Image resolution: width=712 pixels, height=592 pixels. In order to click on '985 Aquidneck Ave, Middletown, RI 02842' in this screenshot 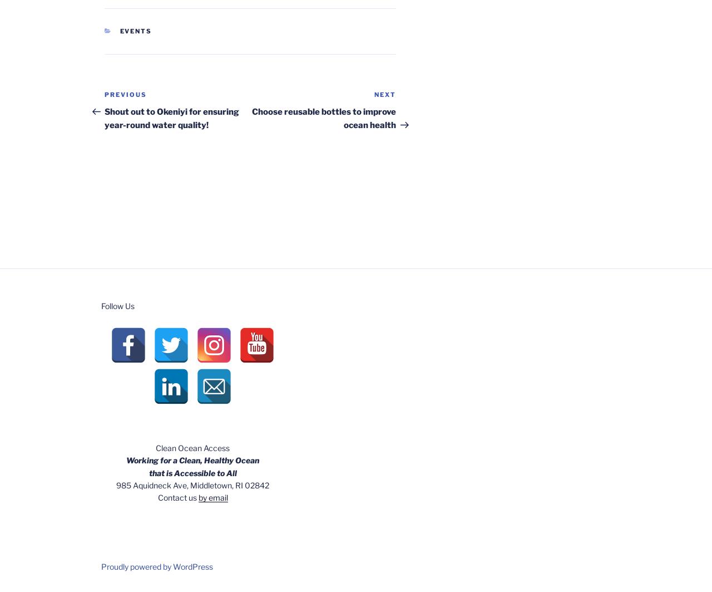, I will do `click(192, 484)`.